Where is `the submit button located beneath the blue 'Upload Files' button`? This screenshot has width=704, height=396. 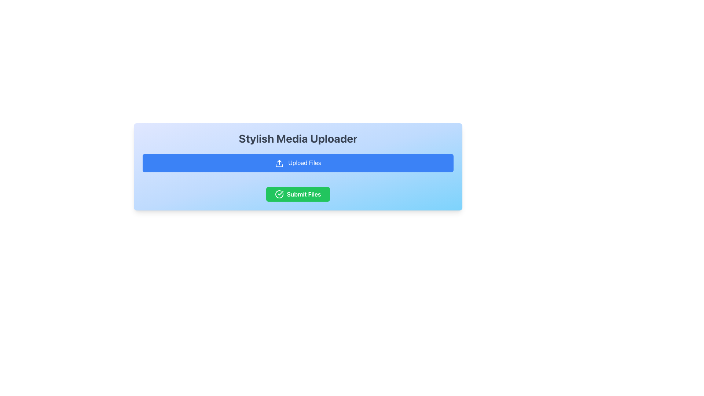
the submit button located beneath the blue 'Upload Files' button is located at coordinates (298, 193).